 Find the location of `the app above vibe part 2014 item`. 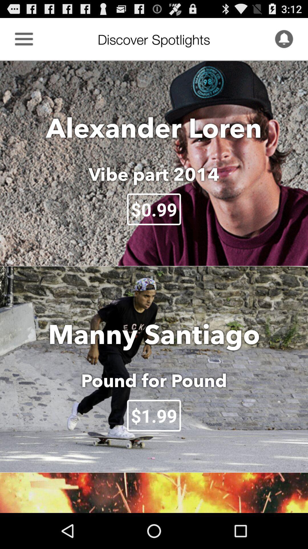

the app above vibe part 2014 item is located at coordinates (154, 127).